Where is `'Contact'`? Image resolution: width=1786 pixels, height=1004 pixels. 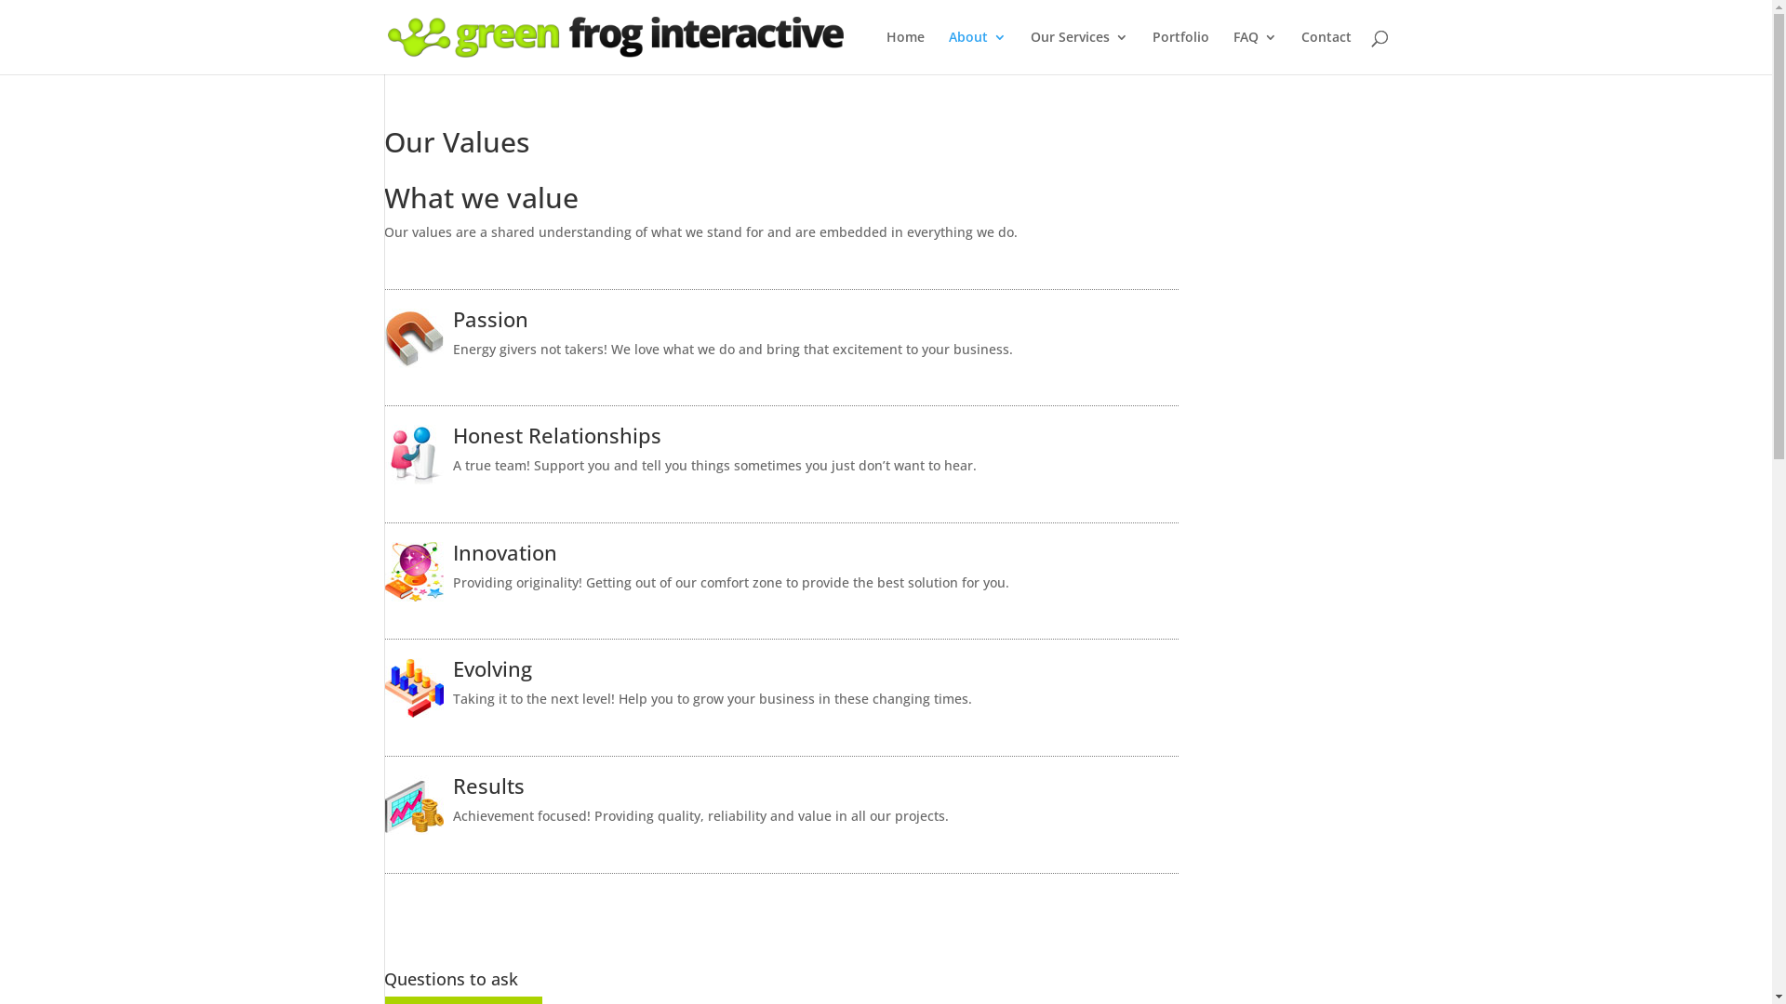
'Contact' is located at coordinates (1325, 51).